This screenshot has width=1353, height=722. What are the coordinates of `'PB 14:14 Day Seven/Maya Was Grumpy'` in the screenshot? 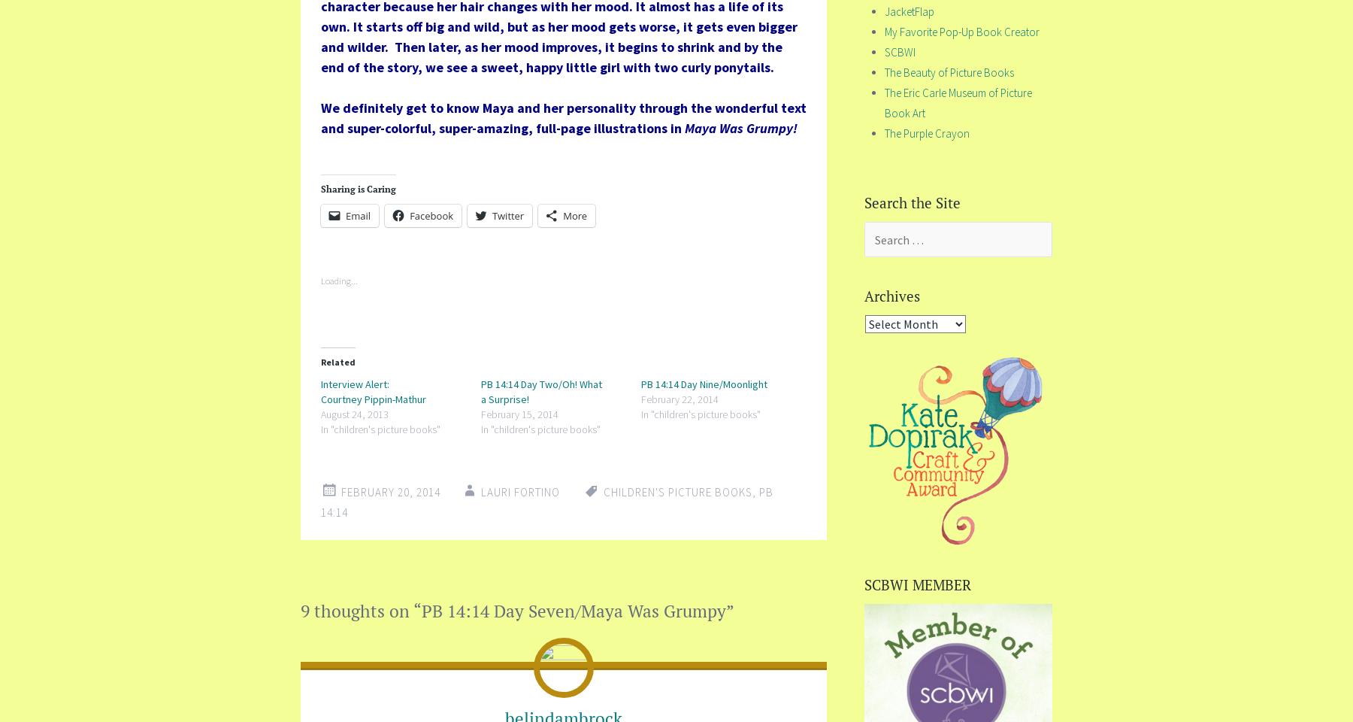 It's located at (573, 611).